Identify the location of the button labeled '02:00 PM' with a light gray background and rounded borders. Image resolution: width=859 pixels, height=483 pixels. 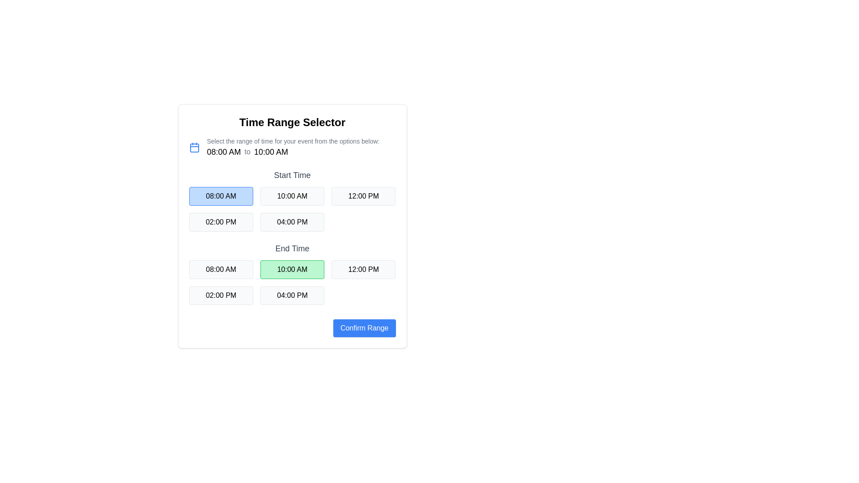
(221, 295).